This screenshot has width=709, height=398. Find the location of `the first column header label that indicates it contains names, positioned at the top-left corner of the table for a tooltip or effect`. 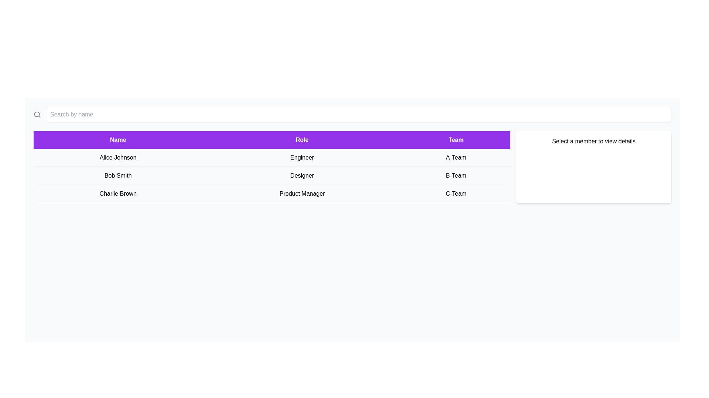

the first column header label that indicates it contains names, positioned at the top-left corner of the table for a tooltip or effect is located at coordinates (117, 140).